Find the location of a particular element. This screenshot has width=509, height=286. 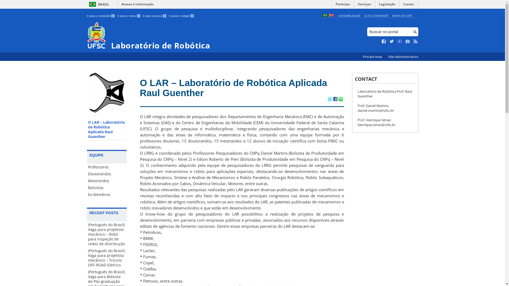

'Ex-Membros' is located at coordinates (87, 195).